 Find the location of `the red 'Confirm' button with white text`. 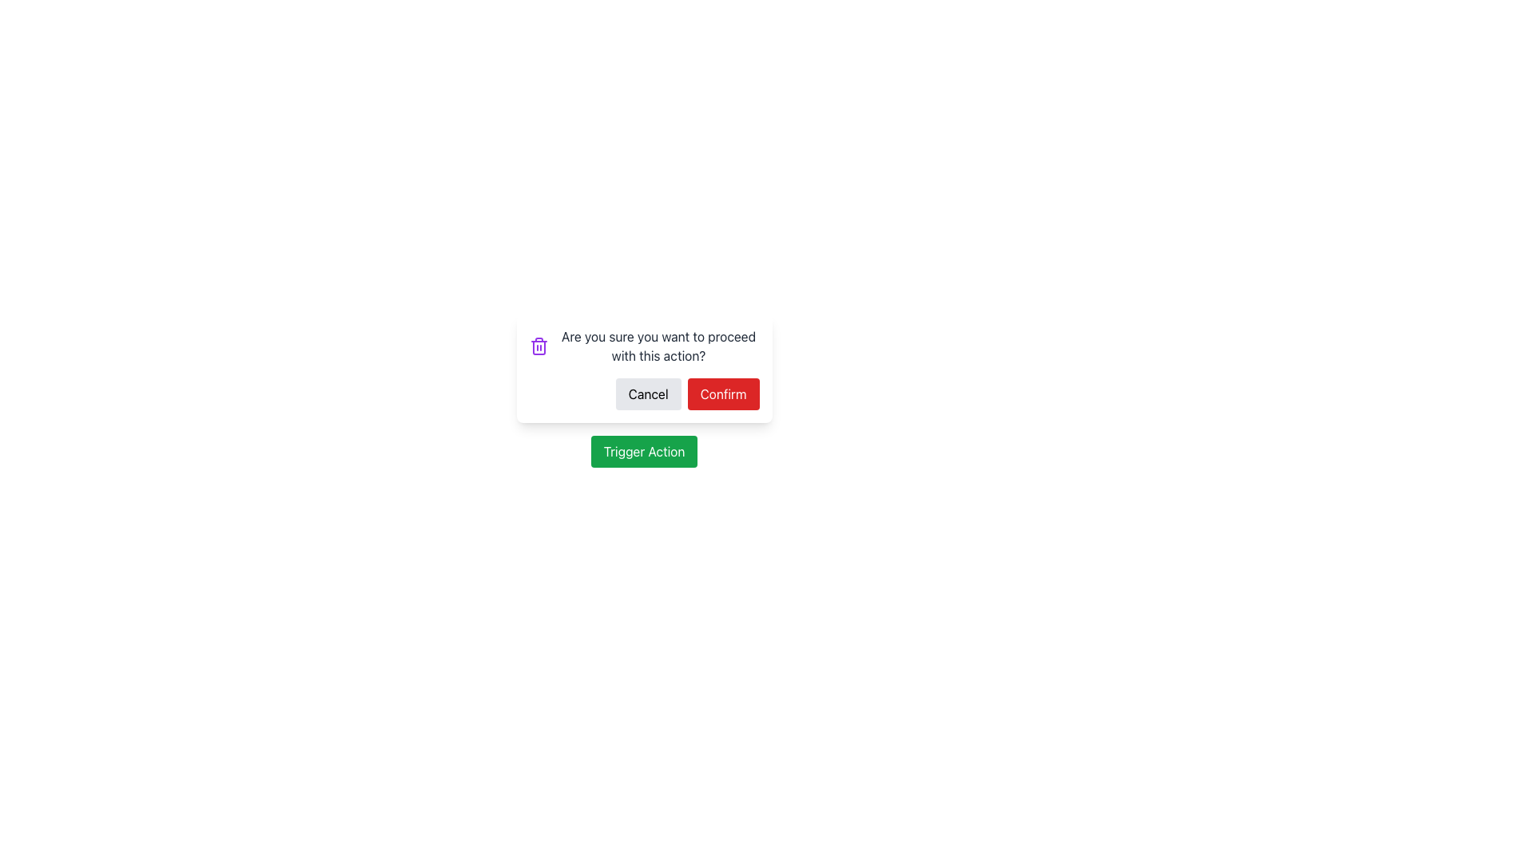

the red 'Confirm' button with white text is located at coordinates (722, 393).